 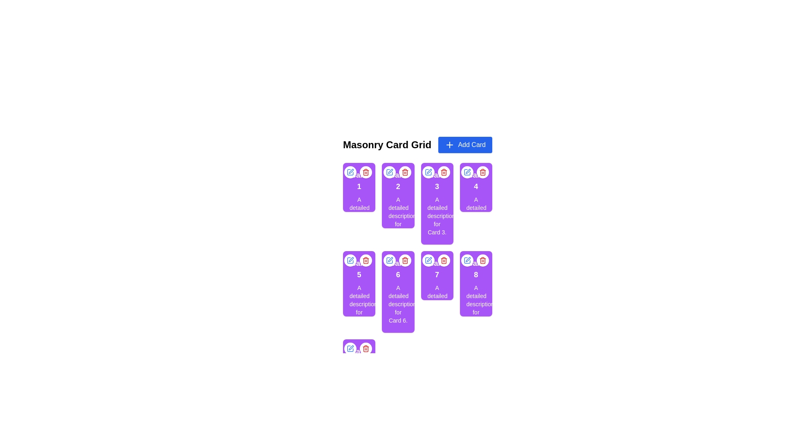 What do you see at coordinates (366, 348) in the screenshot?
I see `the circular delete button with a red trash can icon located in the top-right corner group` at bounding box center [366, 348].